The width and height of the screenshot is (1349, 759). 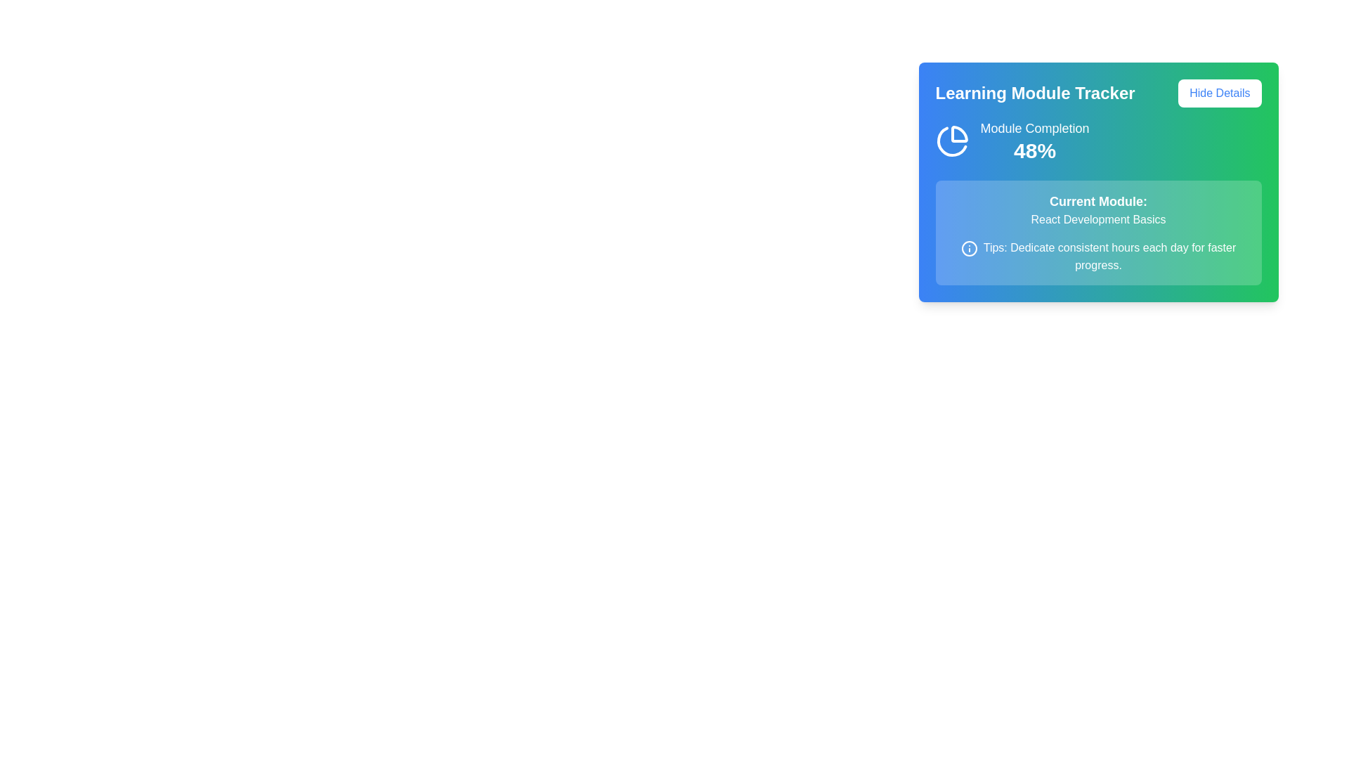 I want to click on the 'Module Completion' heading text element, which is styled boldly and positioned at the top-left of the Learning Module Tracker card, so click(x=1035, y=128).